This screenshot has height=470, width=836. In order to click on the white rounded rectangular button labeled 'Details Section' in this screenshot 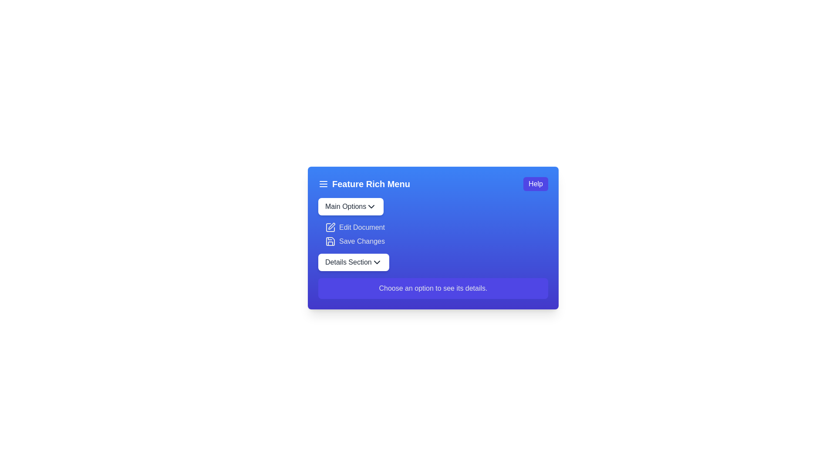, I will do `click(354, 262)`.